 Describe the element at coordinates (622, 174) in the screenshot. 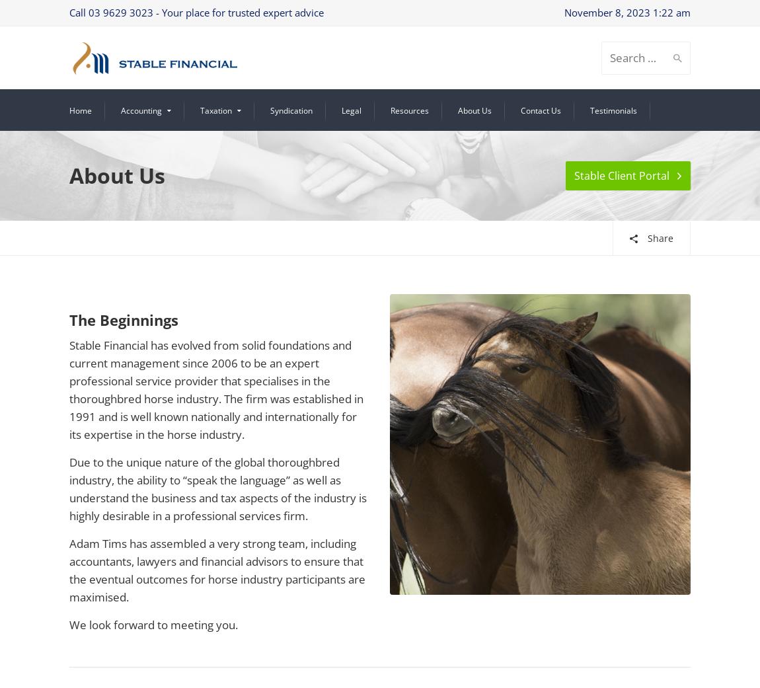

I see `'Stable Client Portal'` at that location.